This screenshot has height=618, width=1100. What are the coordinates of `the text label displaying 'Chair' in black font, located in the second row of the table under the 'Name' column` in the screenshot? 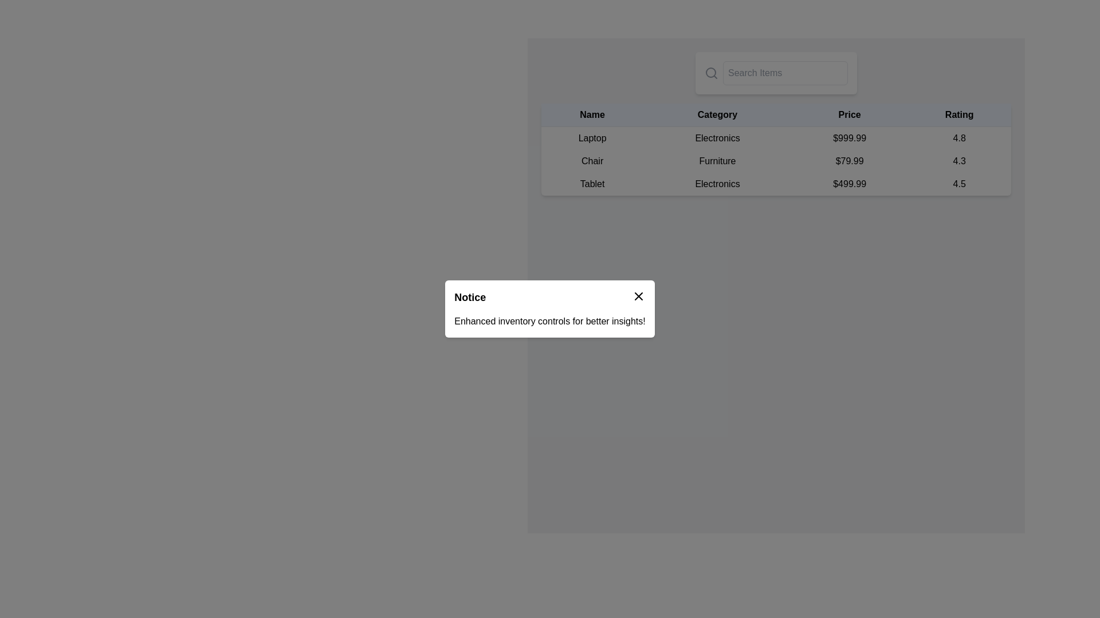 It's located at (592, 161).